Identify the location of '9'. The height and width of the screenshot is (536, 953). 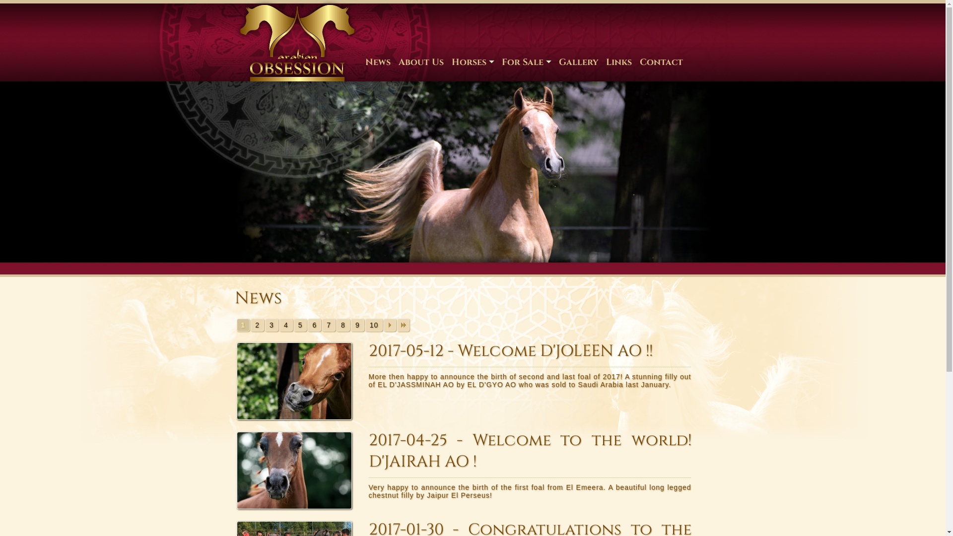
(350, 325).